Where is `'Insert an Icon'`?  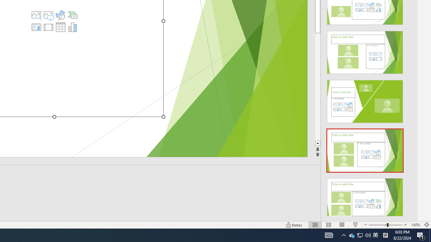
'Insert an Icon' is located at coordinates (60, 15).